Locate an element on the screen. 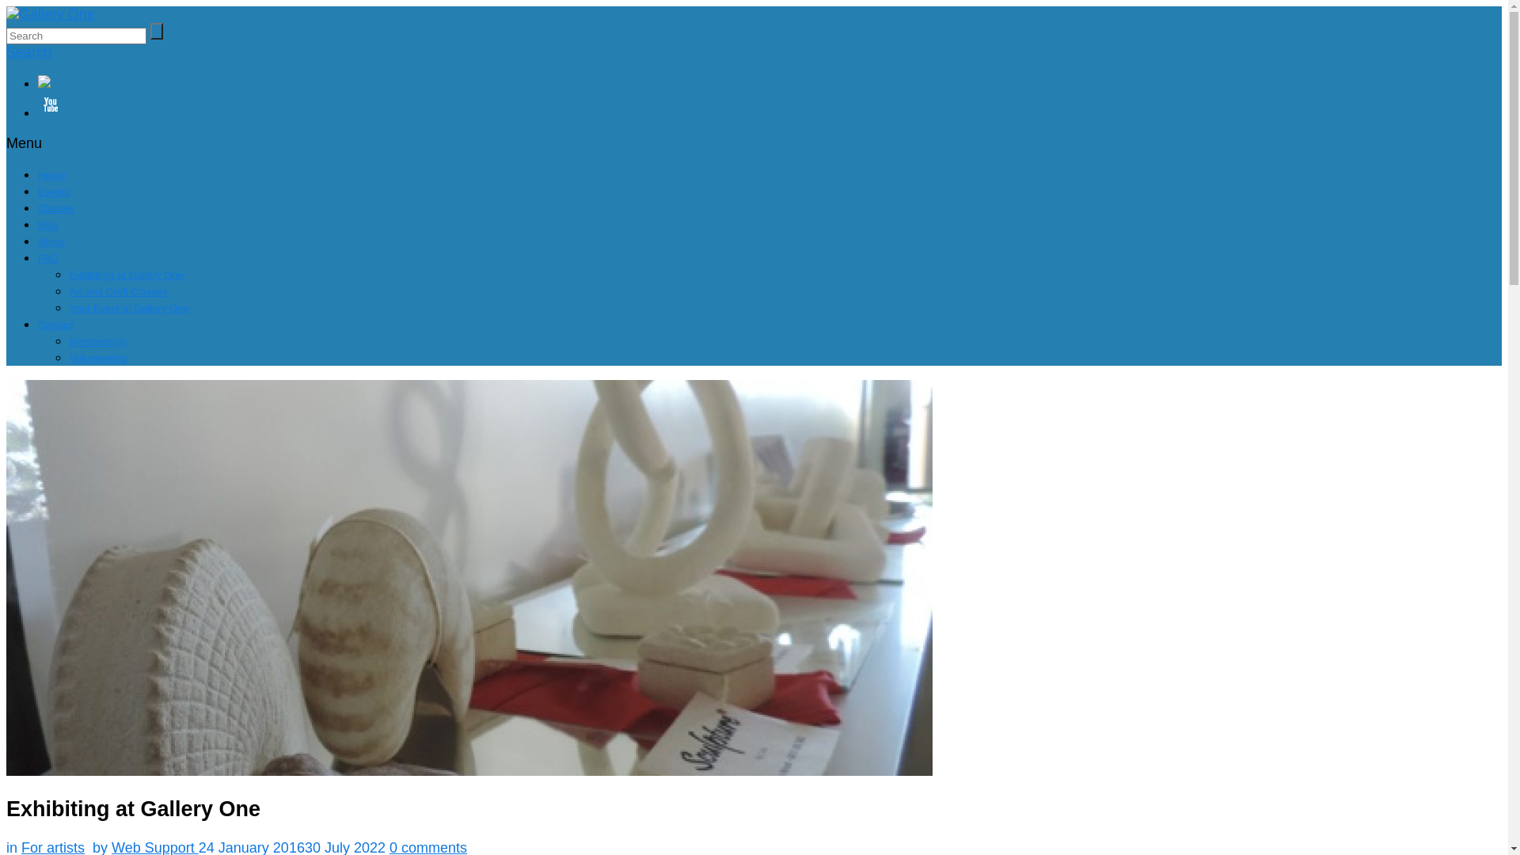 Image resolution: width=1520 pixels, height=855 pixels. 'Gallery One on YouTube' is located at coordinates (769, 106).